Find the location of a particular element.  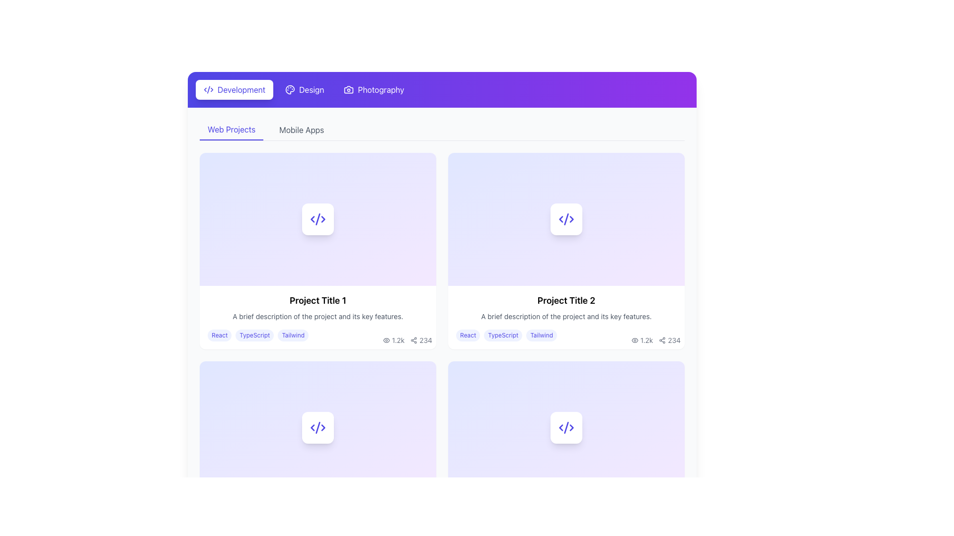

the 'TypeScript' badge, which has a light indigo background and darker indigo text, located below 'Project Title 2' in the second card from the left is located at coordinates (503, 335).